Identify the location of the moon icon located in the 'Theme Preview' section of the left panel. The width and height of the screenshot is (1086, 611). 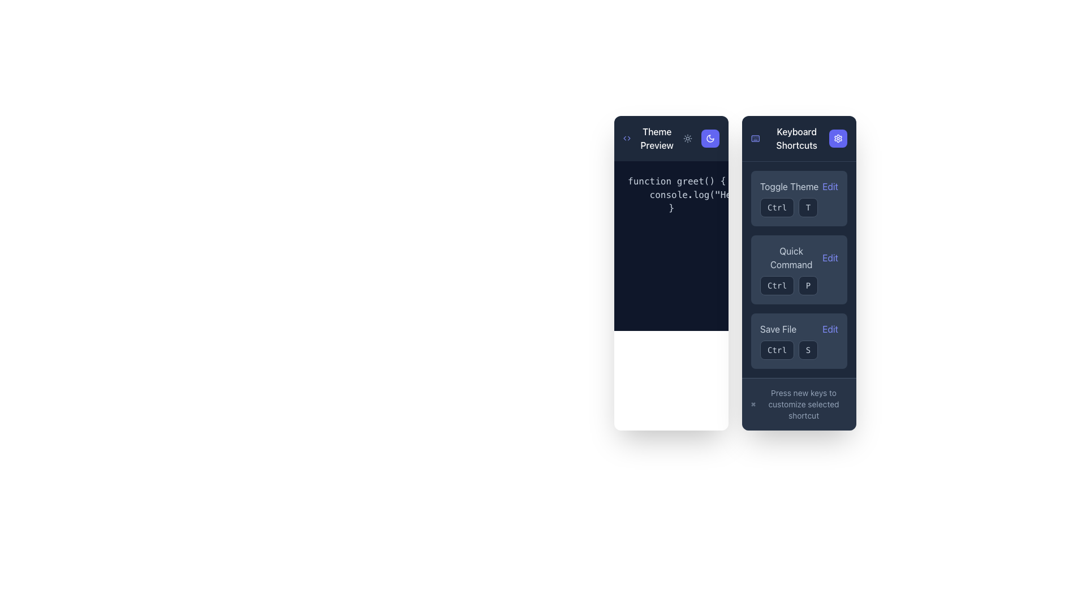
(710, 138).